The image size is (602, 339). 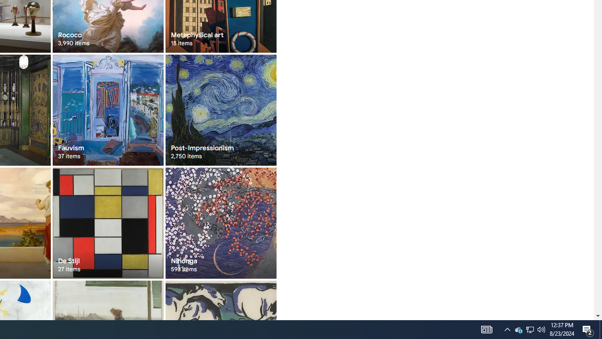 I want to click on 'Fauvism 37 items', so click(x=108, y=110).